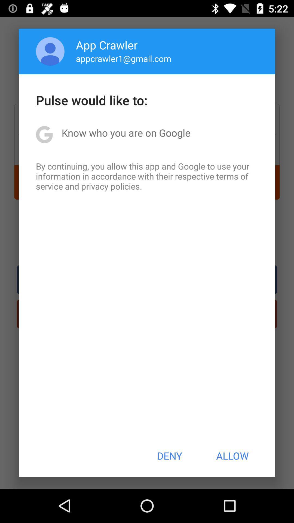  What do you see at coordinates (169, 456) in the screenshot?
I see `the deny icon` at bounding box center [169, 456].